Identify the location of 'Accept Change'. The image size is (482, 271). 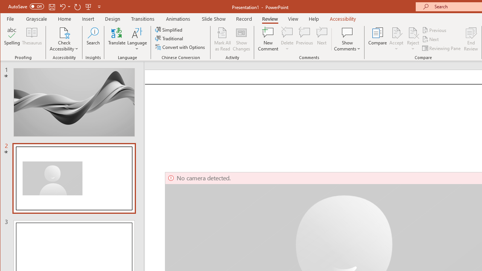
(396, 32).